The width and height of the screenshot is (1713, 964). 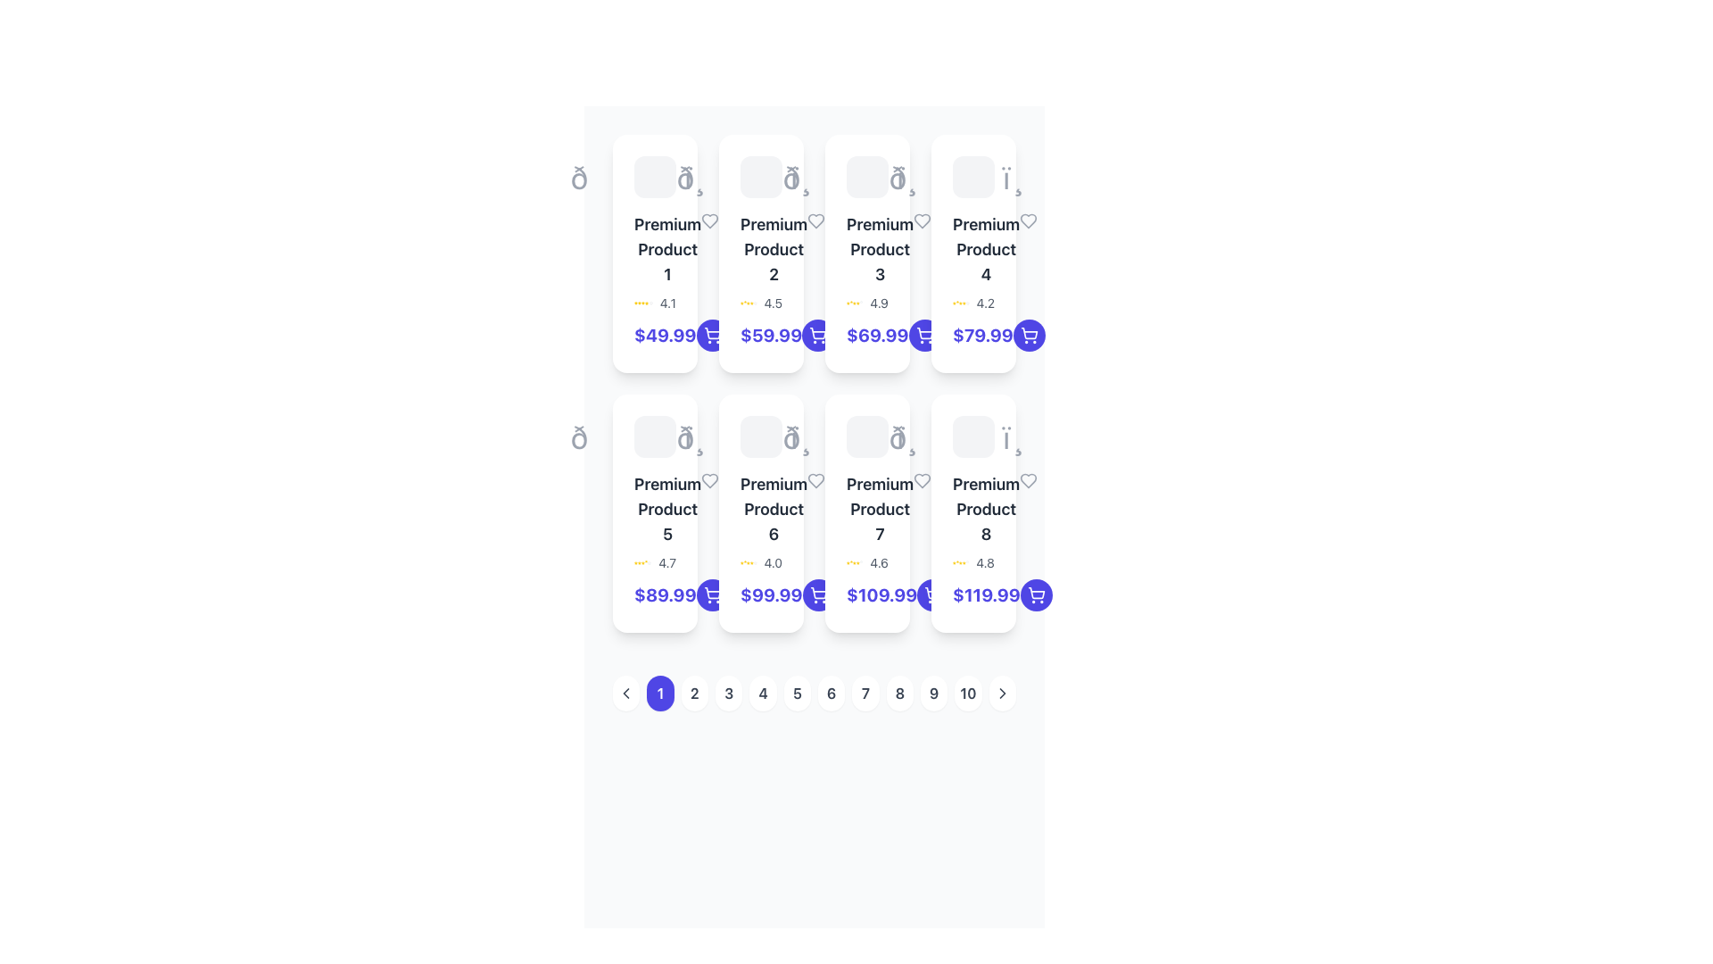 I want to click on the fifth star icon in the 5-star rating system for 'Premium Product 4', so click(x=966, y=302).